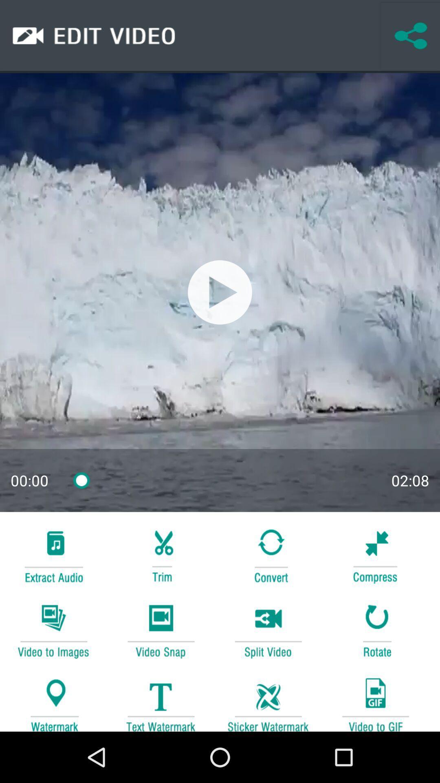 The image size is (440, 783). I want to click on location to see, so click(53, 700).